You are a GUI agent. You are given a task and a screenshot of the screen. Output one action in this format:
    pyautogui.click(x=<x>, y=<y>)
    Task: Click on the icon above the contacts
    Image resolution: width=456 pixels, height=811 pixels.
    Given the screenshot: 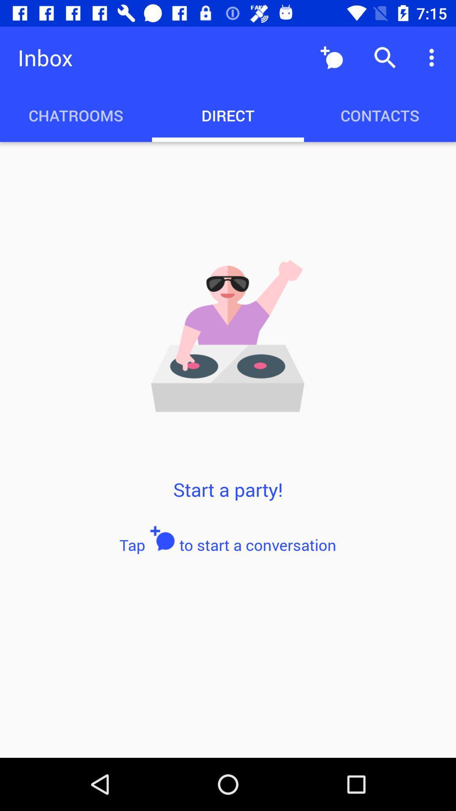 What is the action you would take?
    pyautogui.click(x=434, y=57)
    